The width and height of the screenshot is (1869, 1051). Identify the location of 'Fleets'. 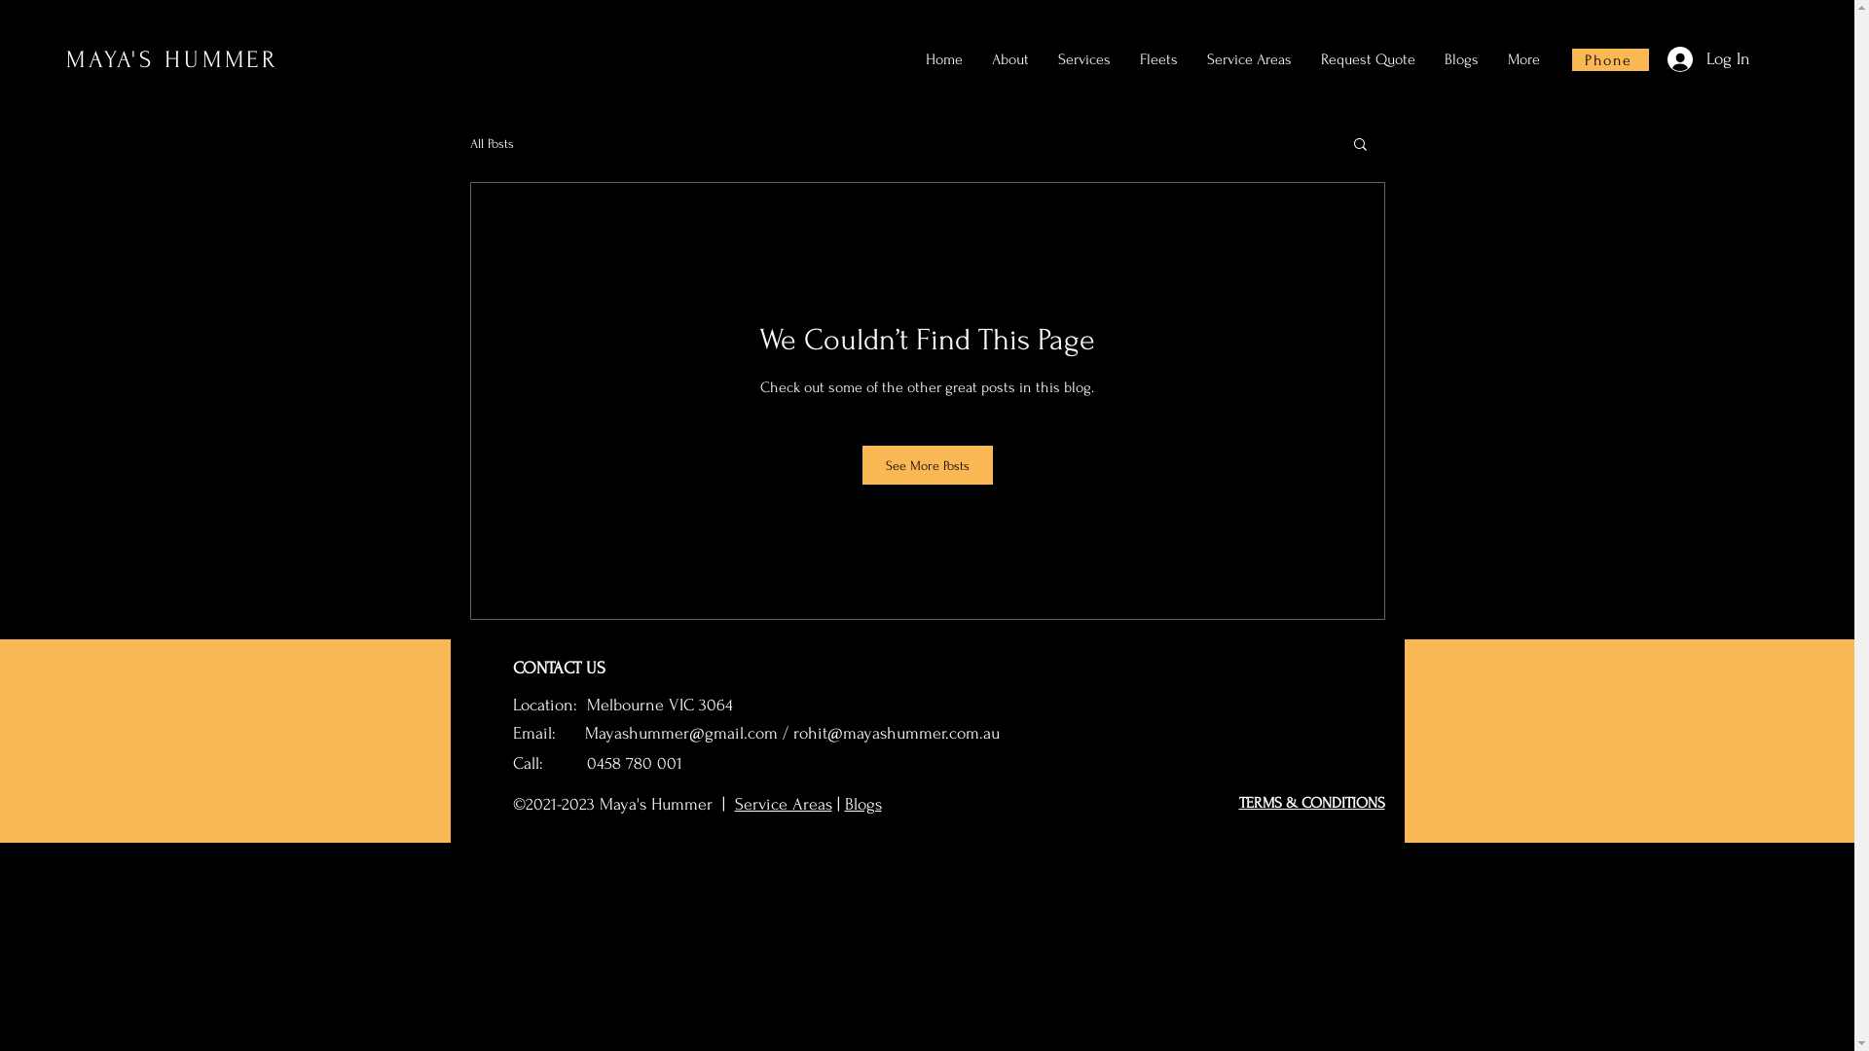
(1158, 58).